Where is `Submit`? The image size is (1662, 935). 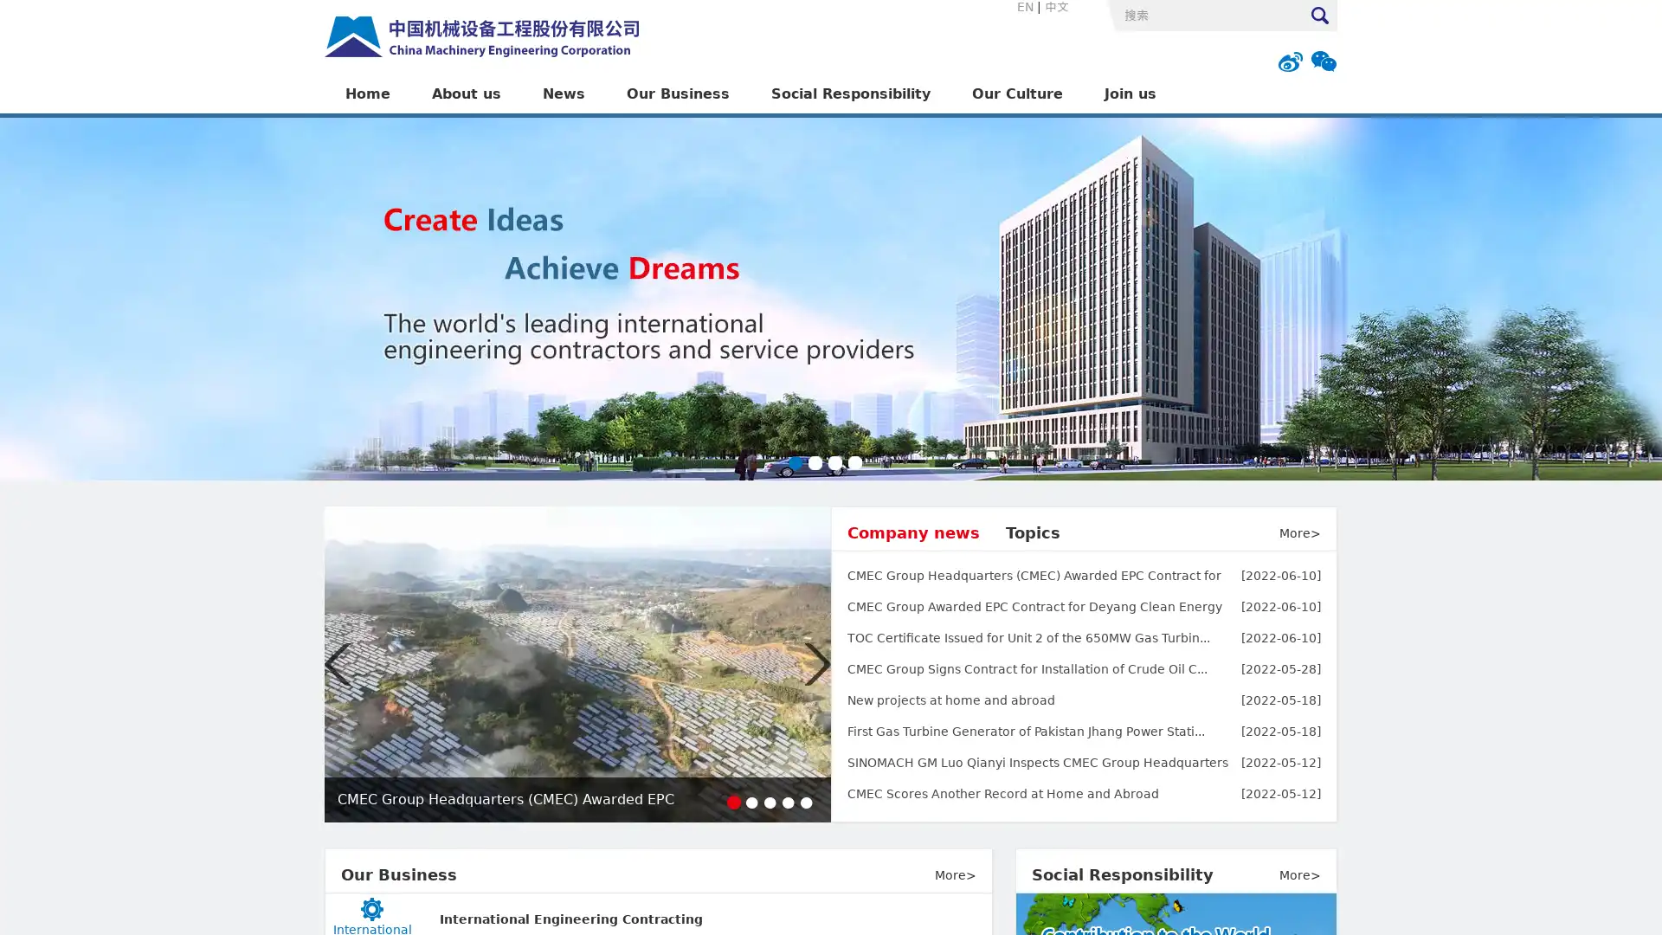 Submit is located at coordinates (1319, 16).